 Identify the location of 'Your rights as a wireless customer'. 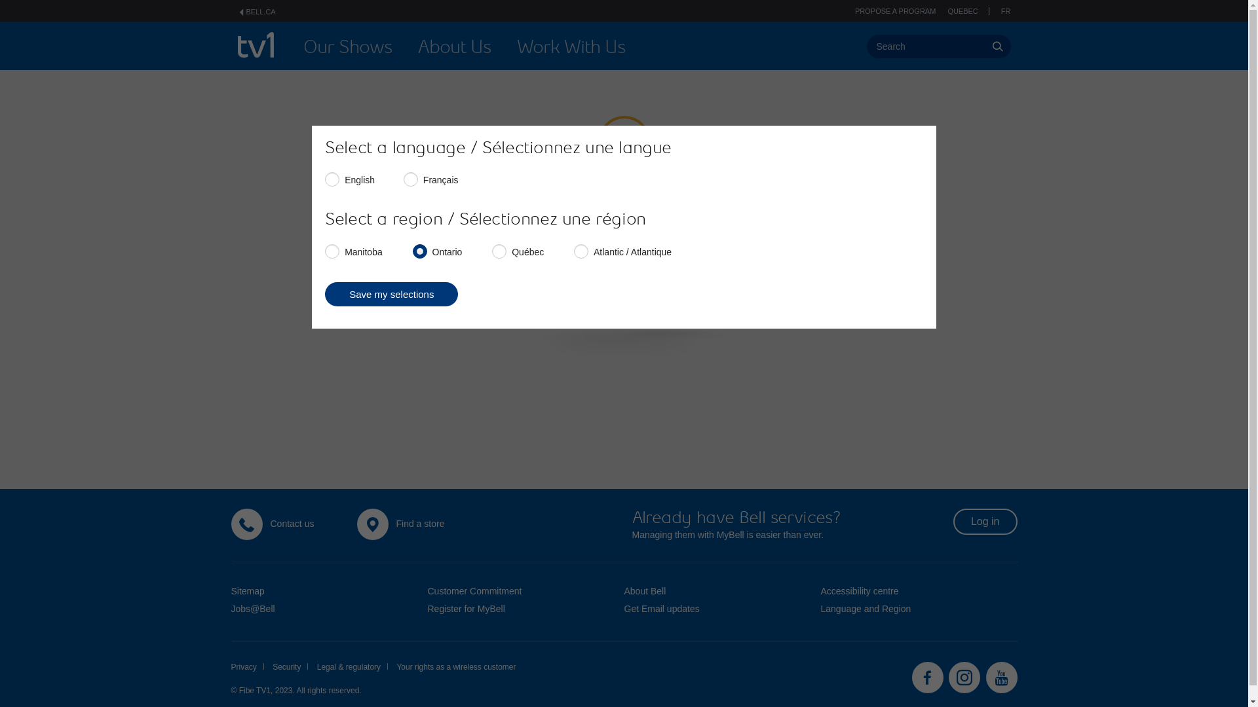
(456, 667).